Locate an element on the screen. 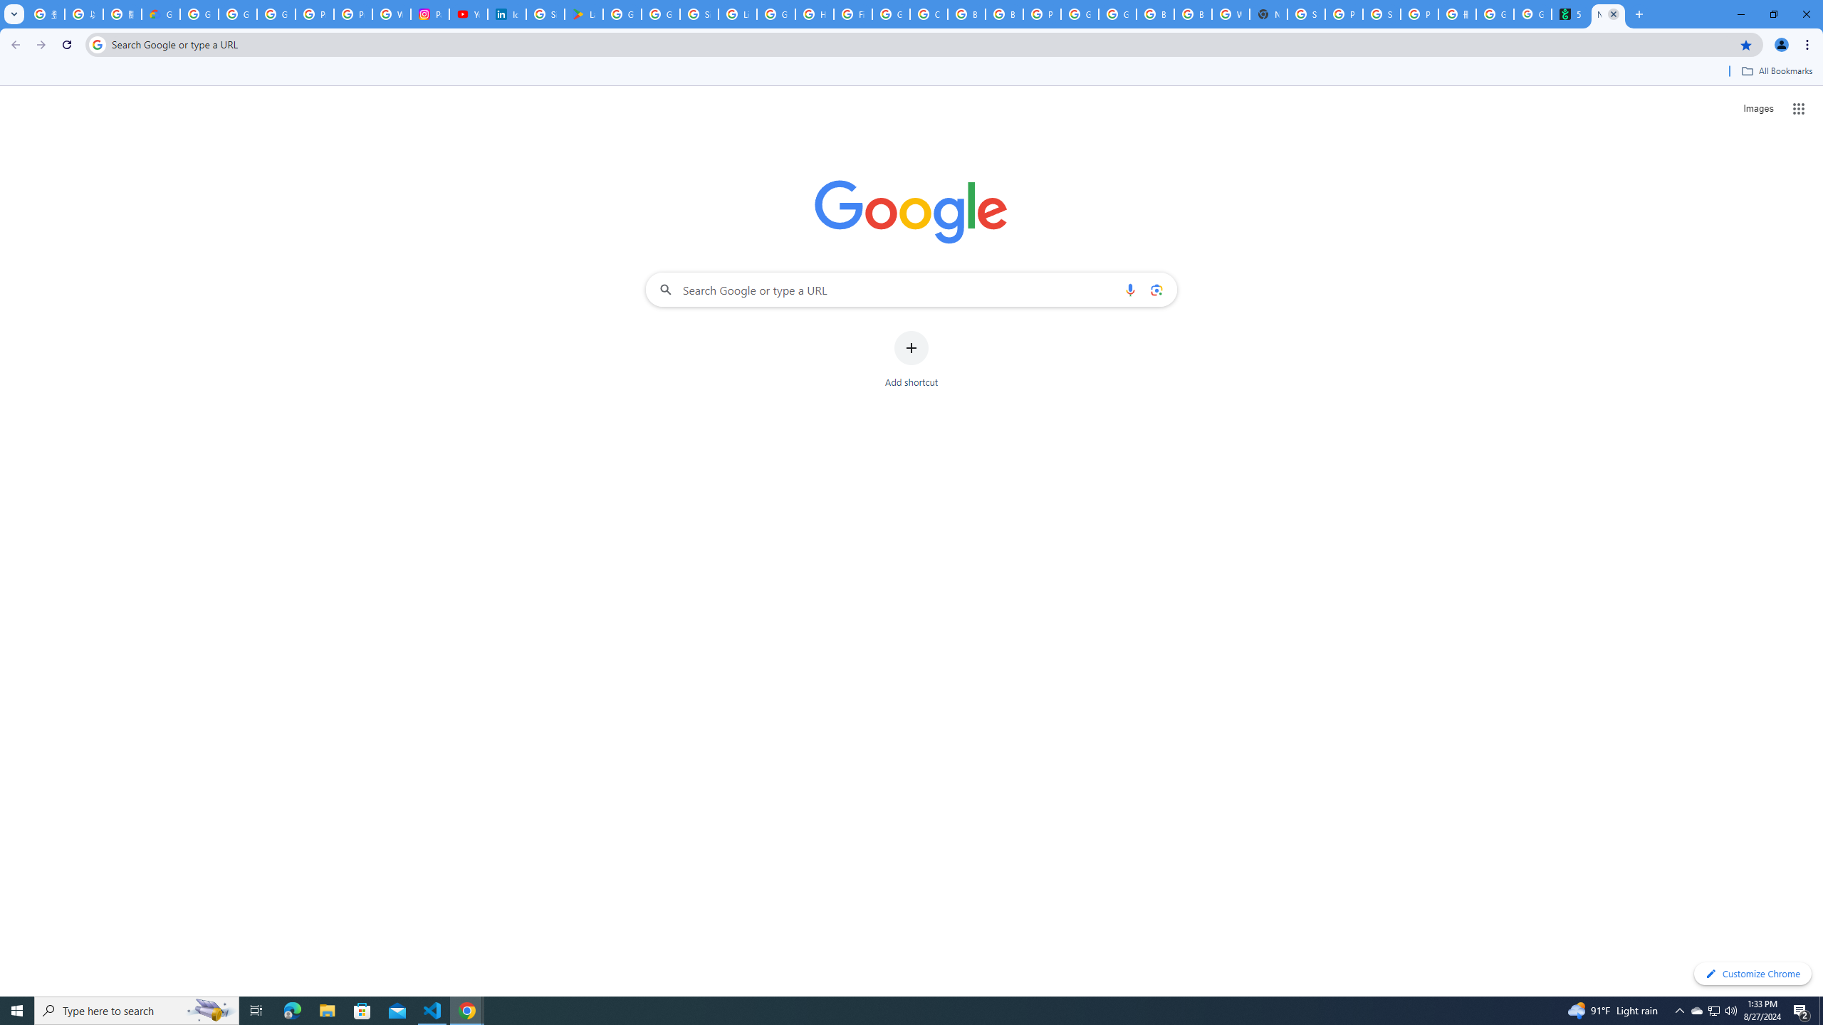 Image resolution: width=1823 pixels, height=1025 pixels. 'Browse Chrome as a guest - Computer - Google Chrome Help' is located at coordinates (966, 14).